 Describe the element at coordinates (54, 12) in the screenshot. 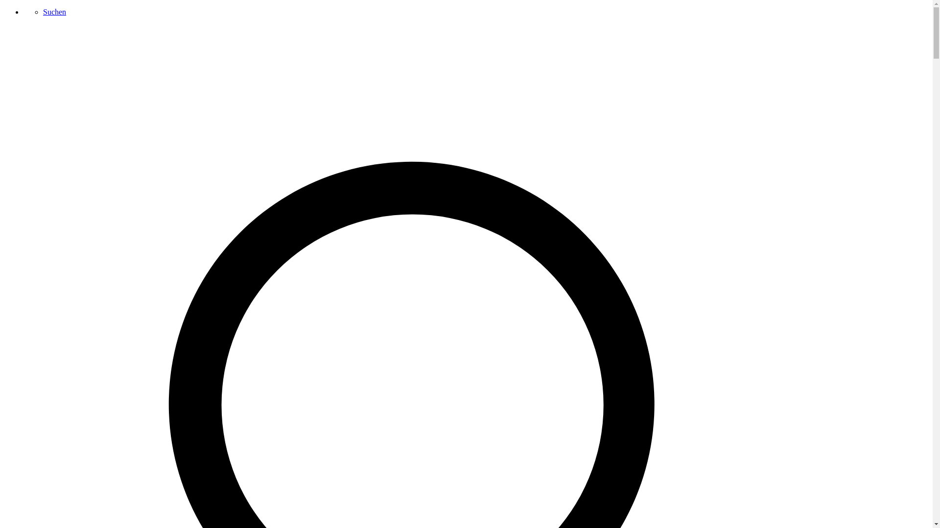

I see `'Suchen'` at that location.